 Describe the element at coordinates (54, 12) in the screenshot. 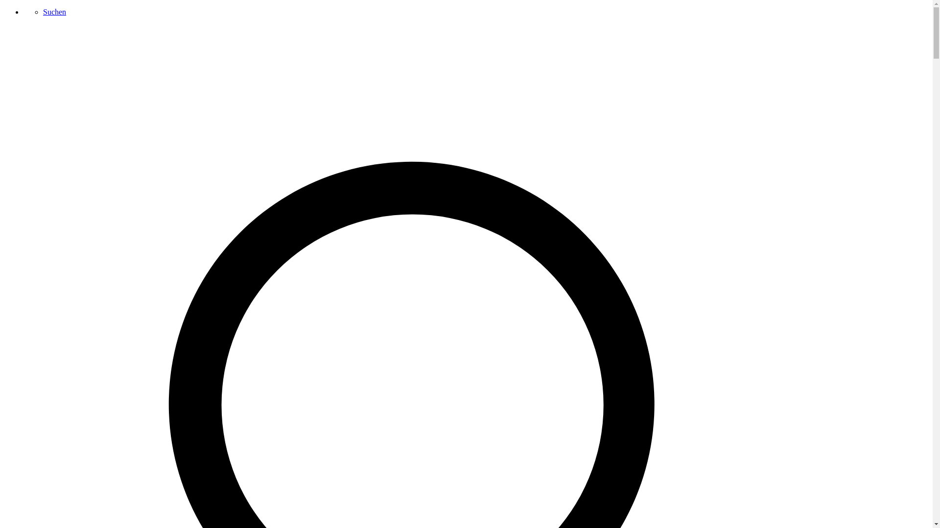

I see `'Suchen'` at that location.